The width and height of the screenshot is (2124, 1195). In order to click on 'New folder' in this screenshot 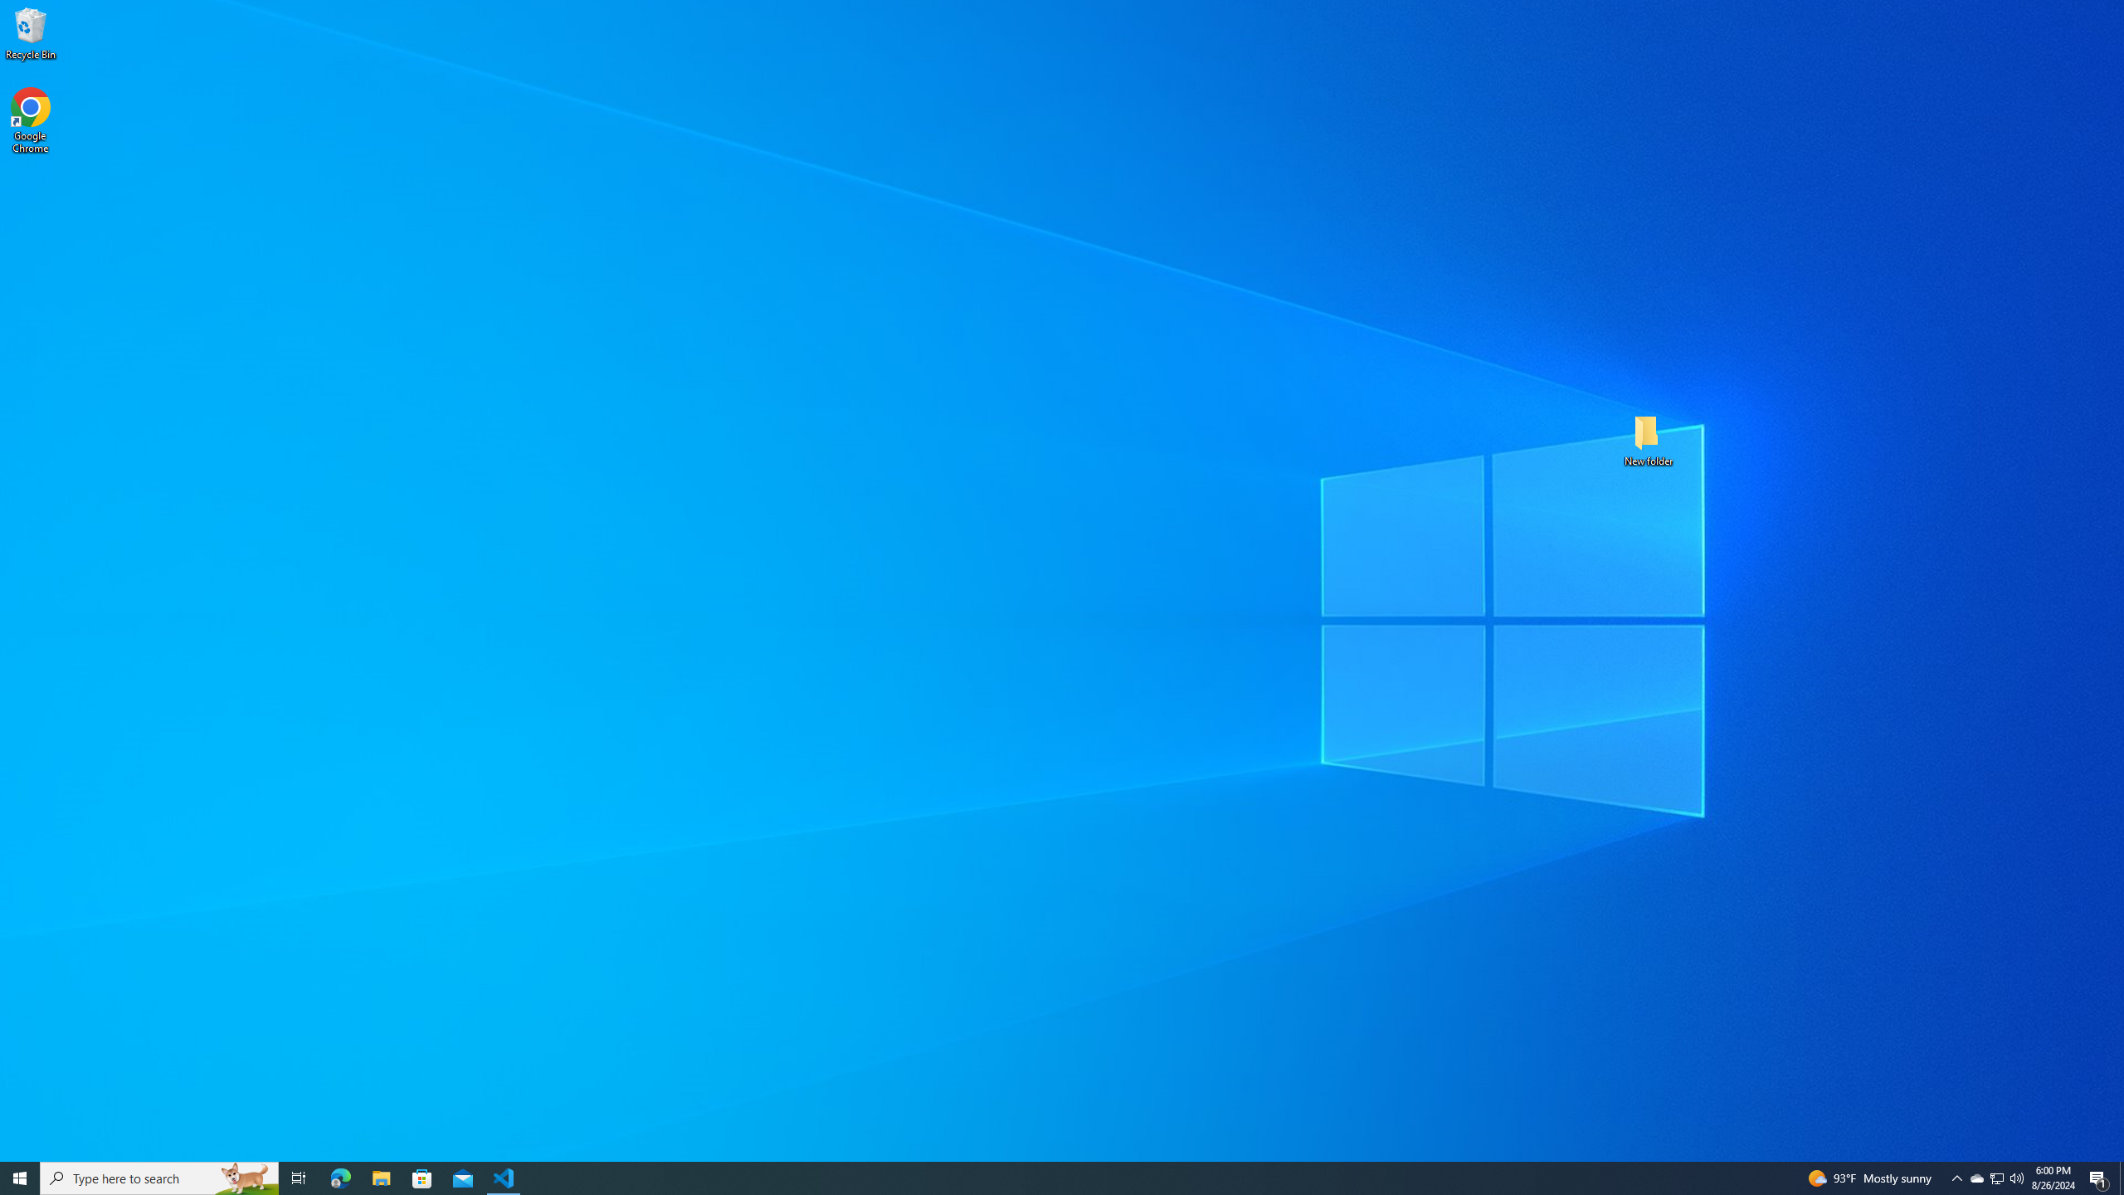, I will do `click(1648, 438)`.